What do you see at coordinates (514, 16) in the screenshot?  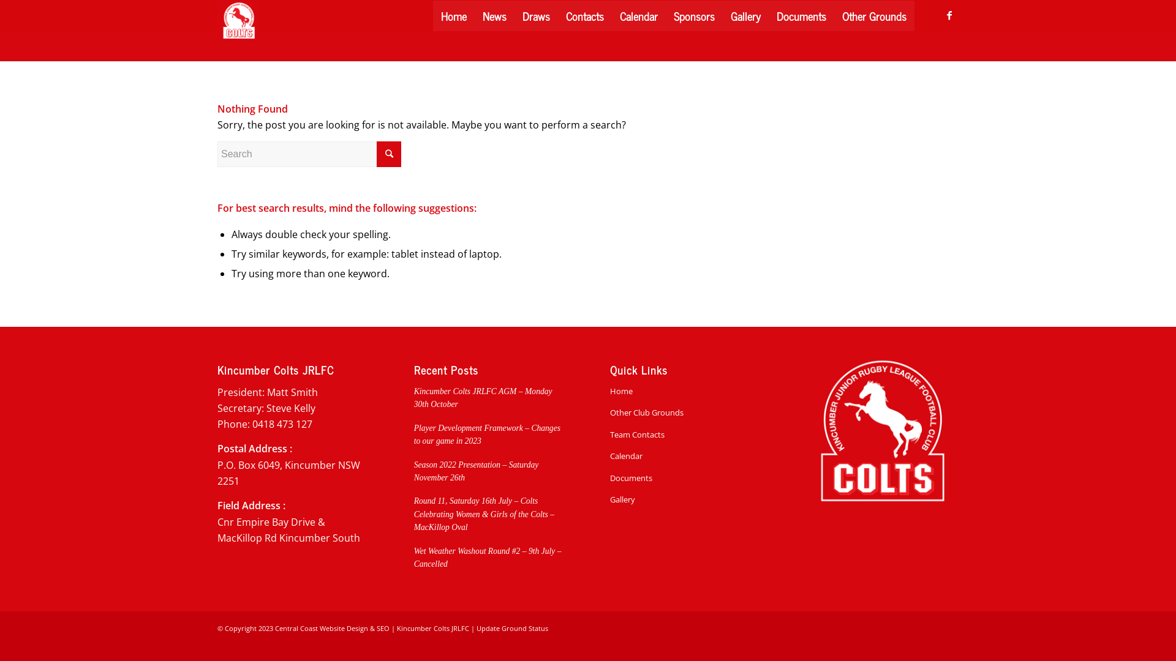 I see `'Draws'` at bounding box center [514, 16].